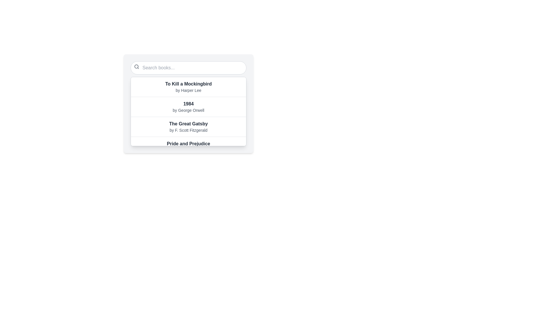 The width and height of the screenshot is (556, 312). What do you see at coordinates (189, 110) in the screenshot?
I see `the text label displaying 'by George Orwell', which is a smaller, lighter gray font located directly below the title '1984'` at bounding box center [189, 110].